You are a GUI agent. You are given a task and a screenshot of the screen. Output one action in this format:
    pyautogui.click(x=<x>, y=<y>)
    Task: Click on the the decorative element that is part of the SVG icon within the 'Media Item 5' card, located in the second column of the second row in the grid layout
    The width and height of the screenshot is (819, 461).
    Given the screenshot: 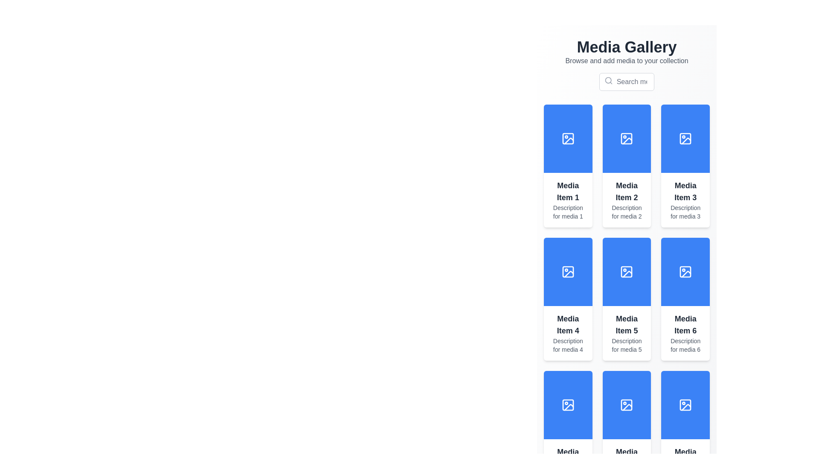 What is the action you would take?
    pyautogui.click(x=627, y=271)
    